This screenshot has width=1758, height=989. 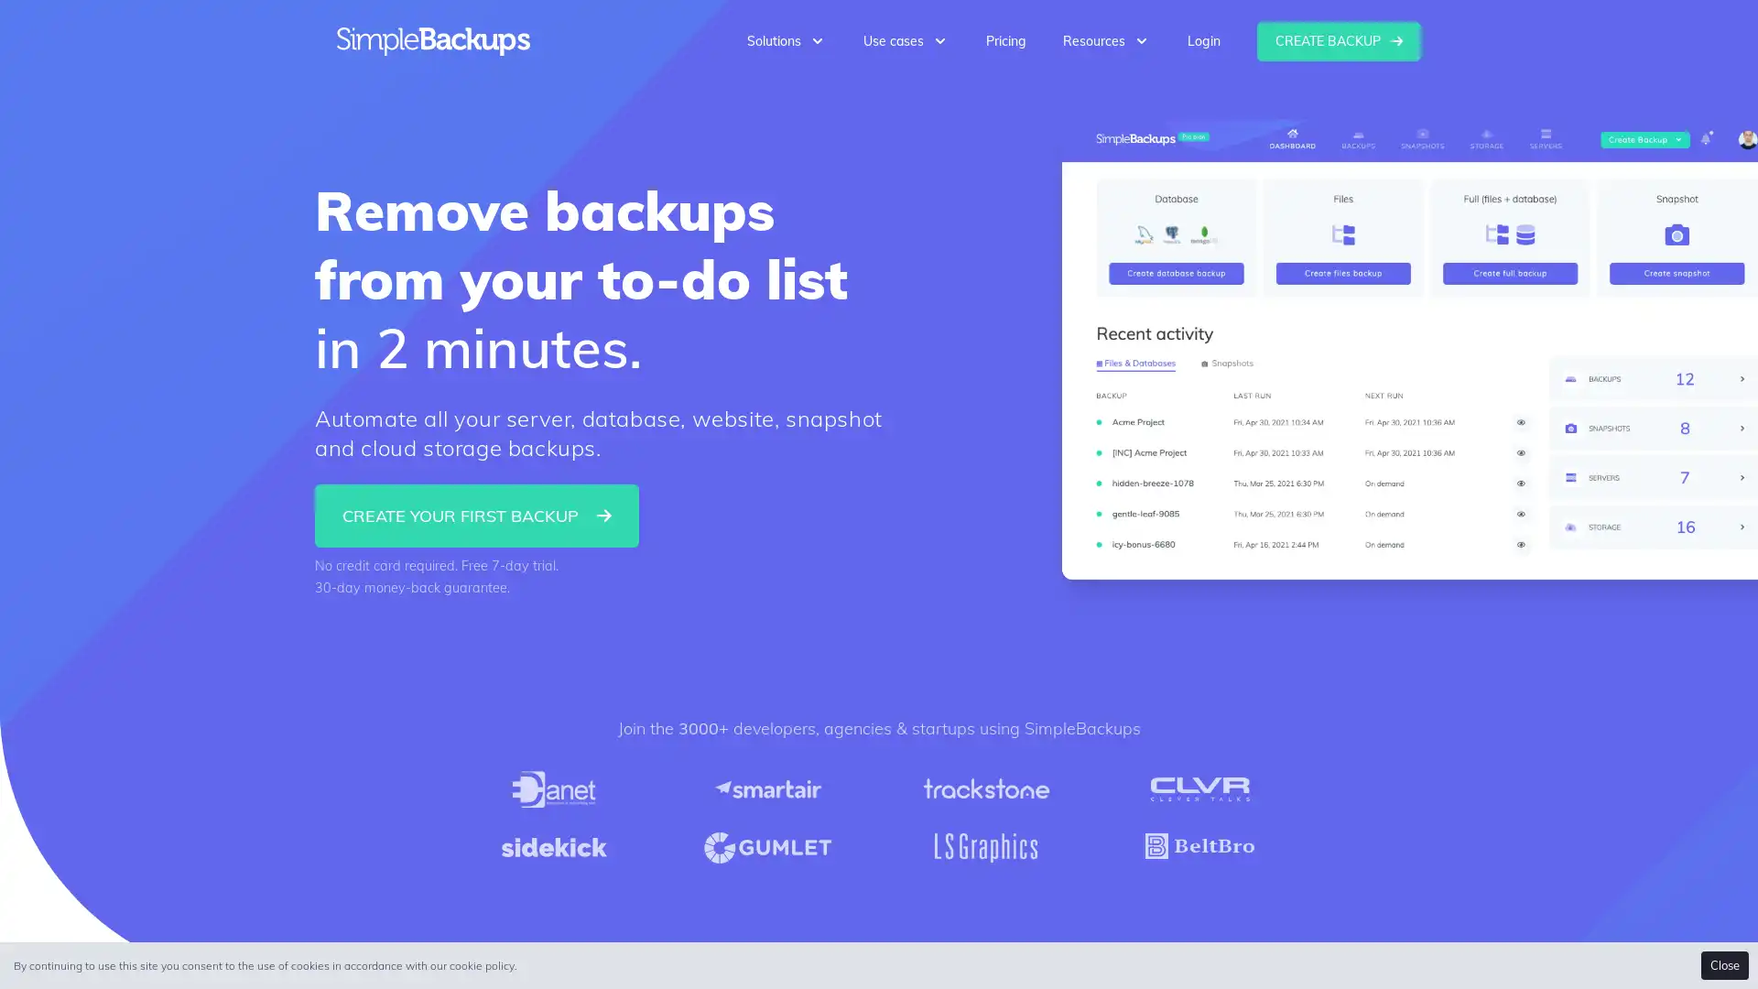 What do you see at coordinates (906, 41) in the screenshot?
I see `Use cases` at bounding box center [906, 41].